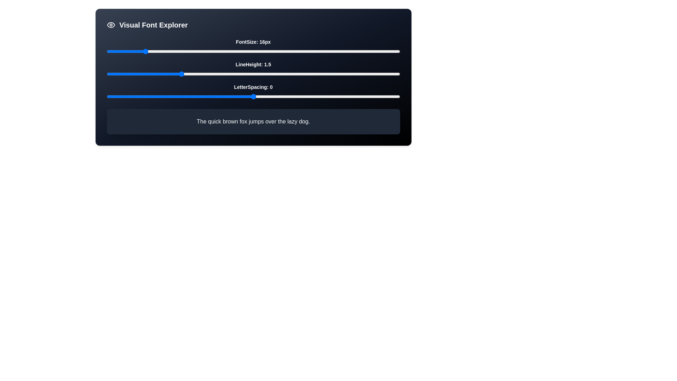 The height and width of the screenshot is (381, 677). I want to click on the line height slider to 2, so click(253, 74).